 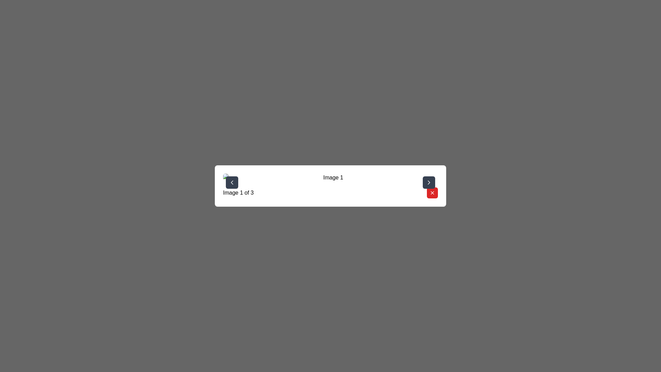 I want to click on the left-oriented chevron arrow button, which is the leftmost element in a group of buttons, so click(x=232, y=182).